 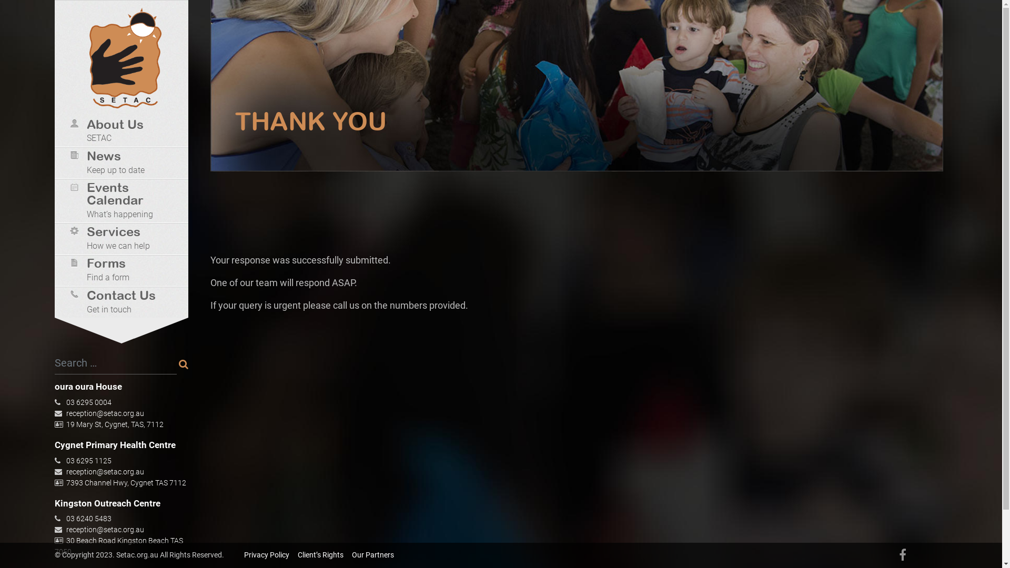 What do you see at coordinates (88, 402) in the screenshot?
I see `'03 6295 0004'` at bounding box center [88, 402].